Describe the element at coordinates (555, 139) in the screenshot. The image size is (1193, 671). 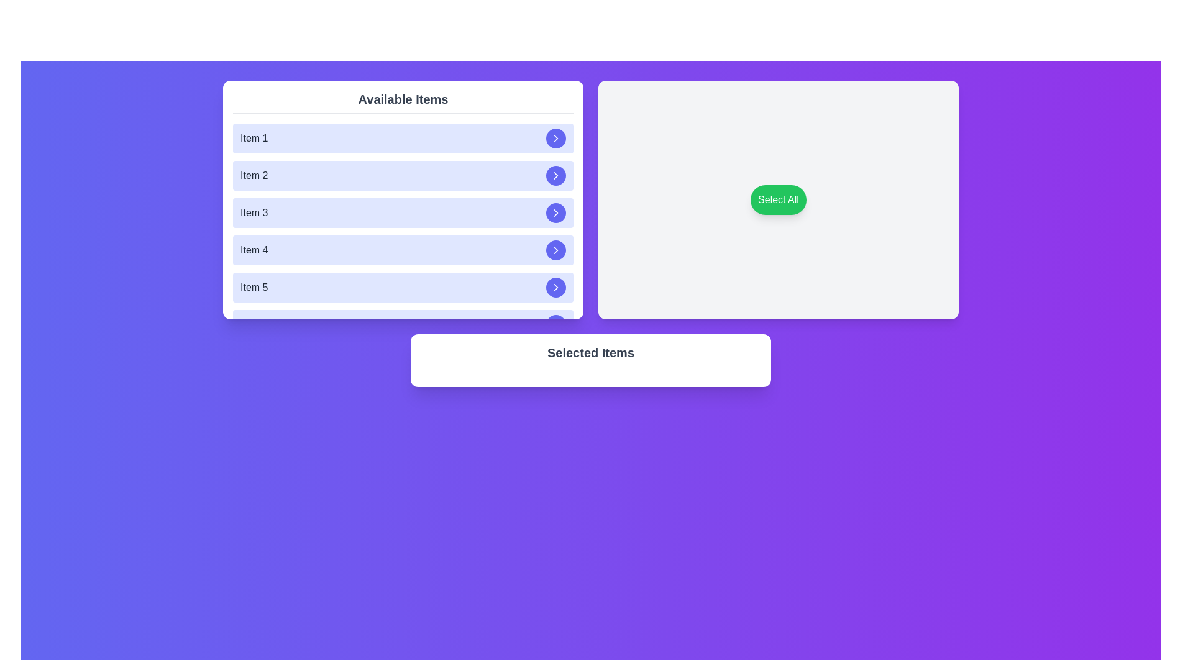
I see `the circular blue button with a white right arrow icon located in the right section of the 'Item 1' box under the 'Available Items' column` at that location.